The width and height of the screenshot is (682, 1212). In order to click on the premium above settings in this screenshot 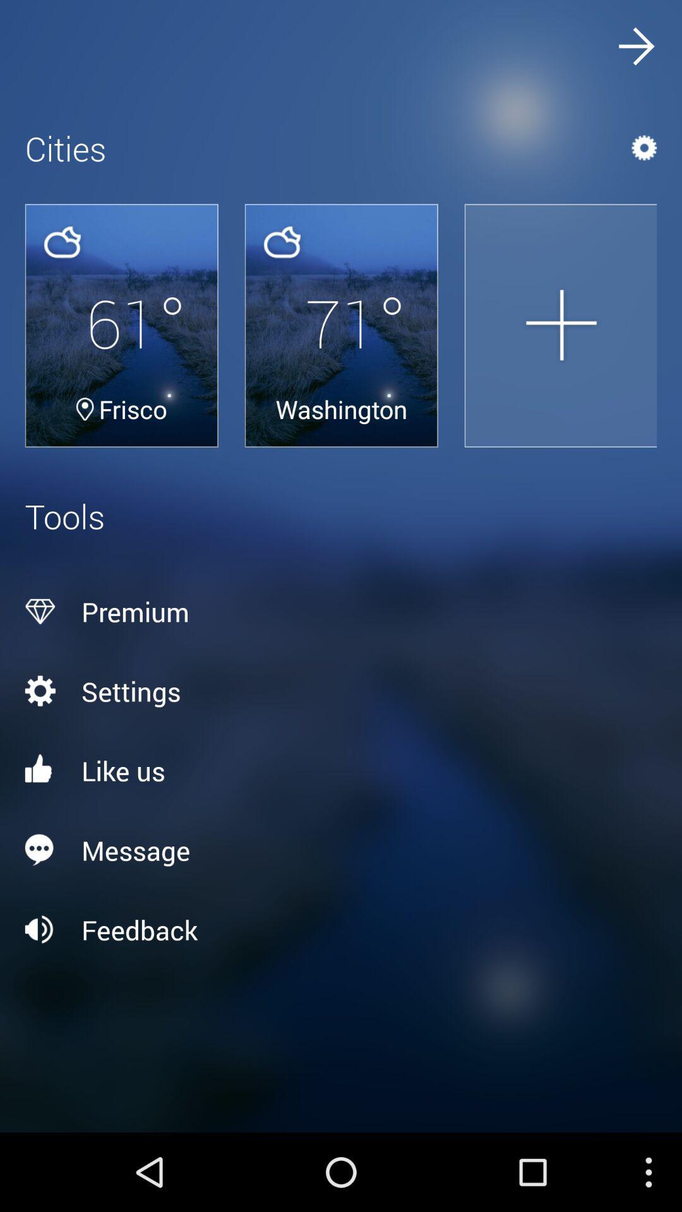, I will do `click(341, 612)`.